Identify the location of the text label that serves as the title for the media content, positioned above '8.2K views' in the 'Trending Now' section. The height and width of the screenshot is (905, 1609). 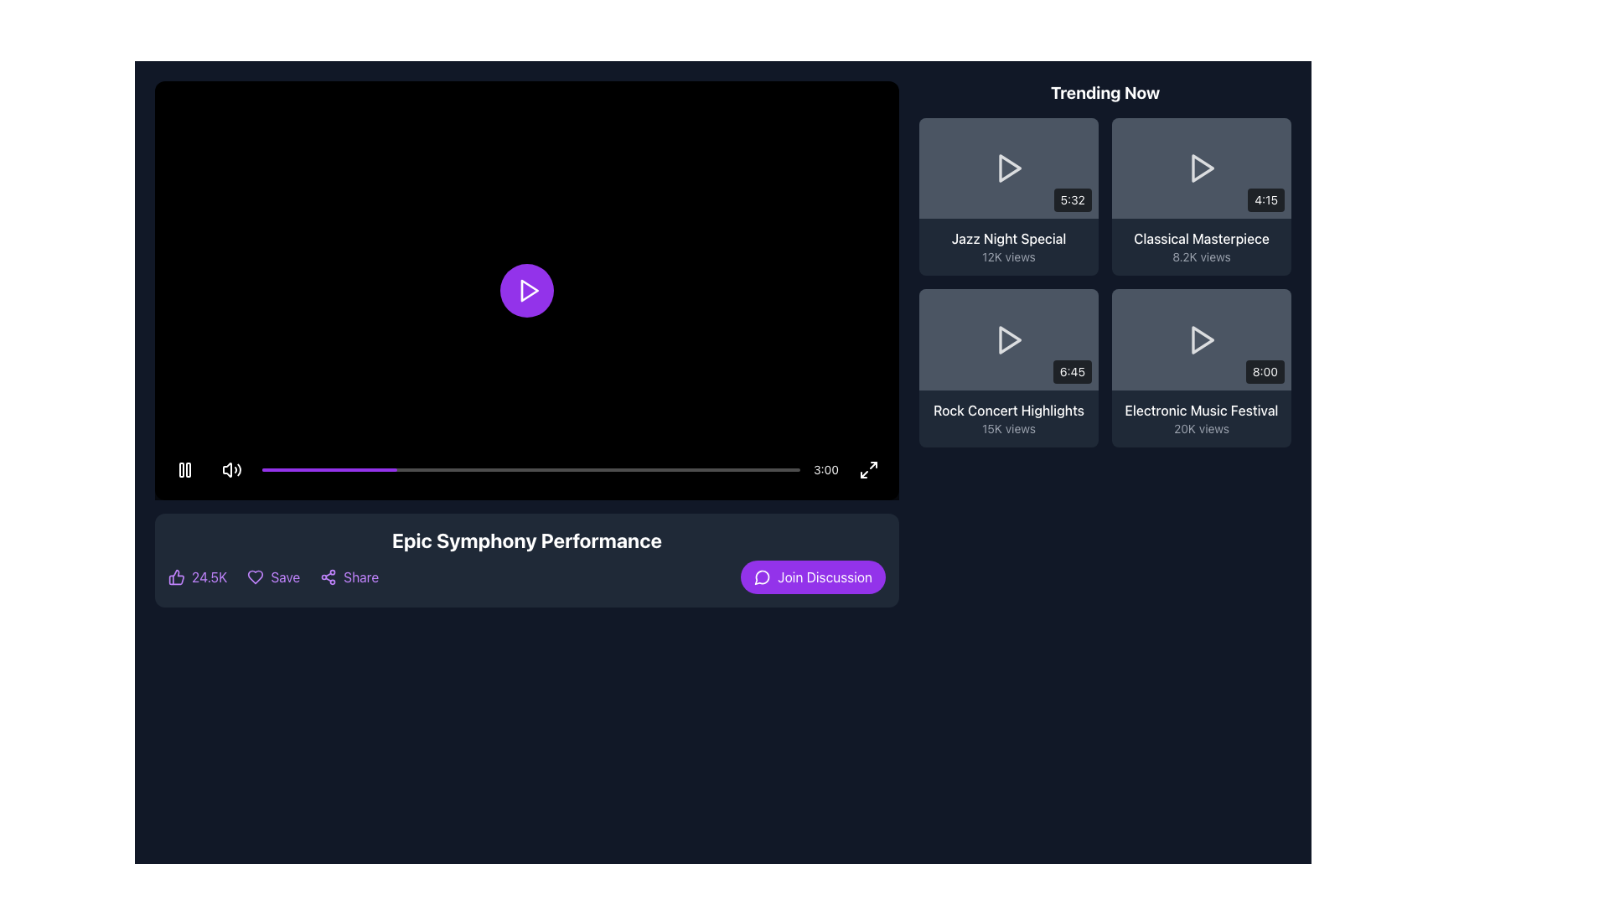
(1201, 239).